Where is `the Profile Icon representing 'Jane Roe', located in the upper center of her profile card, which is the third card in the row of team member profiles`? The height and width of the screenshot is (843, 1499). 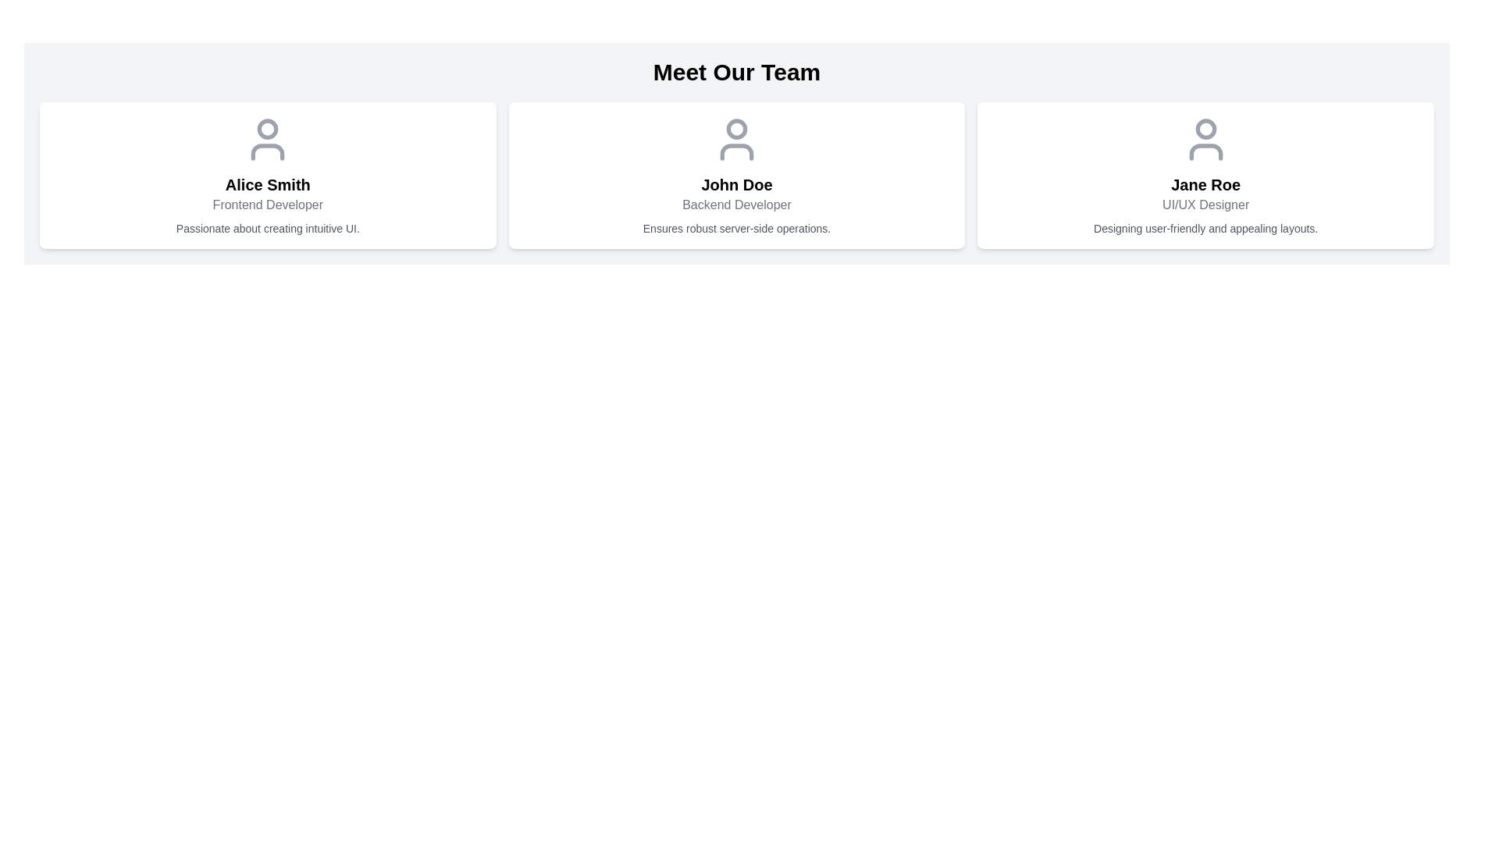
the Profile Icon representing 'Jane Roe', located in the upper center of her profile card, which is the third card in the row of team member profiles is located at coordinates (1205, 138).